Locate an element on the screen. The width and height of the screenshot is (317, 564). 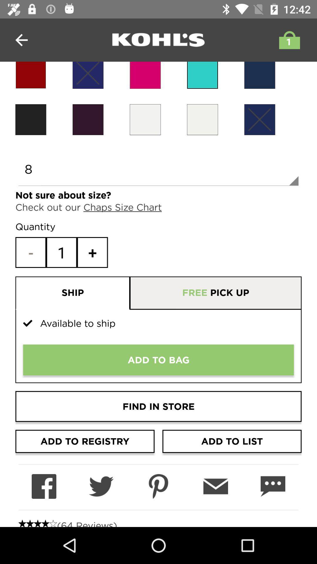
choose navy blue option is located at coordinates (259, 119).